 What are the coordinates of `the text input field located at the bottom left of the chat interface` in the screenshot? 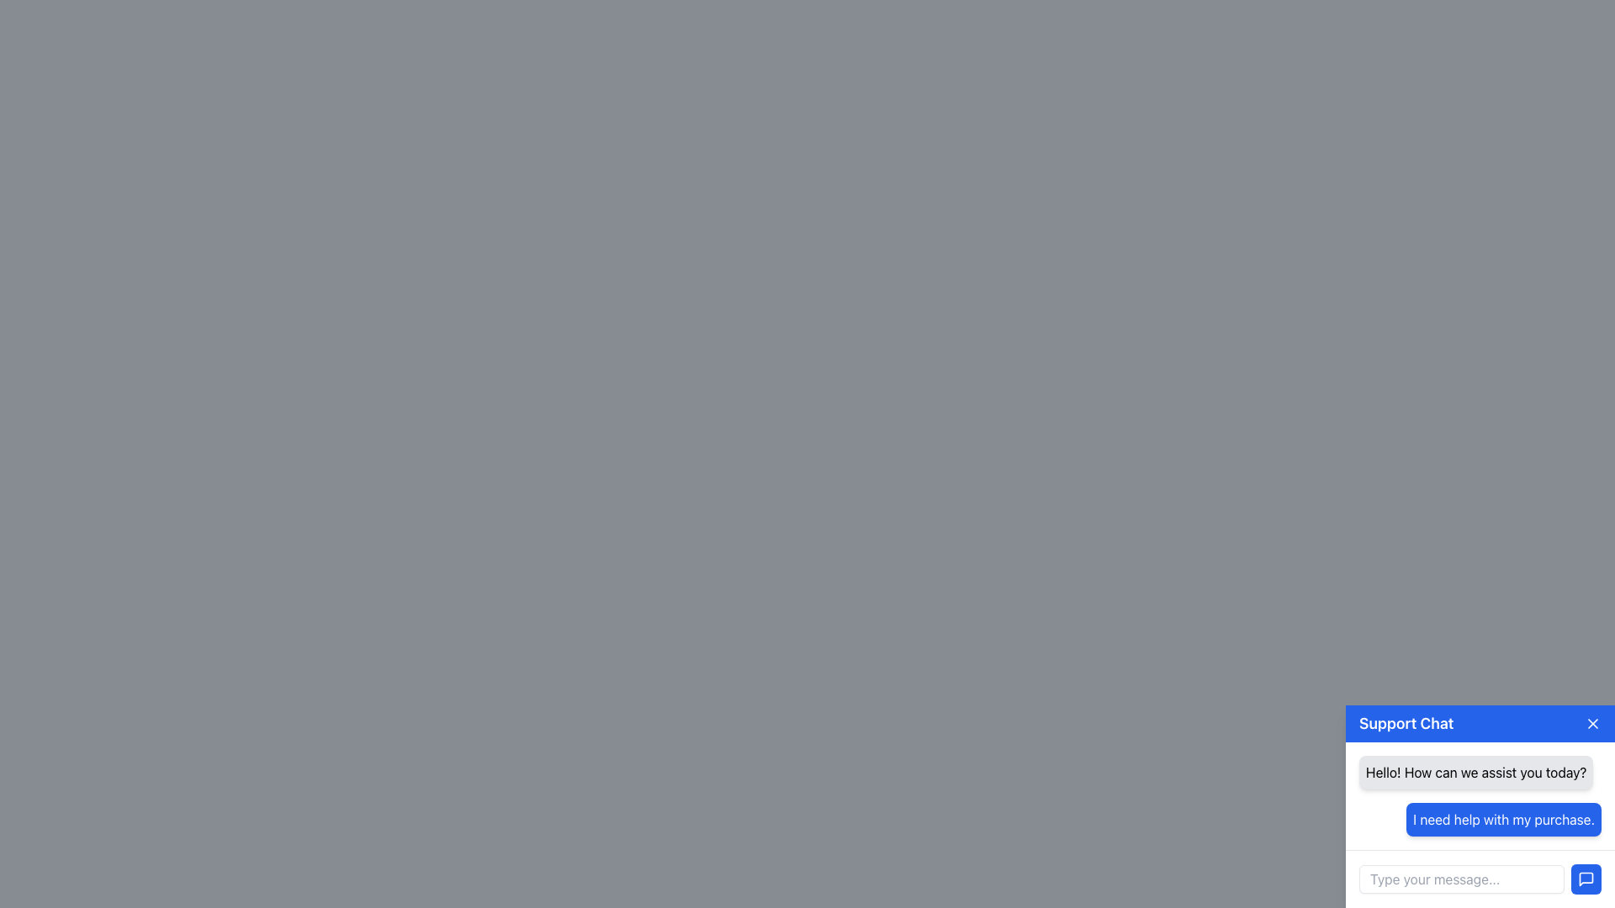 It's located at (1460, 878).